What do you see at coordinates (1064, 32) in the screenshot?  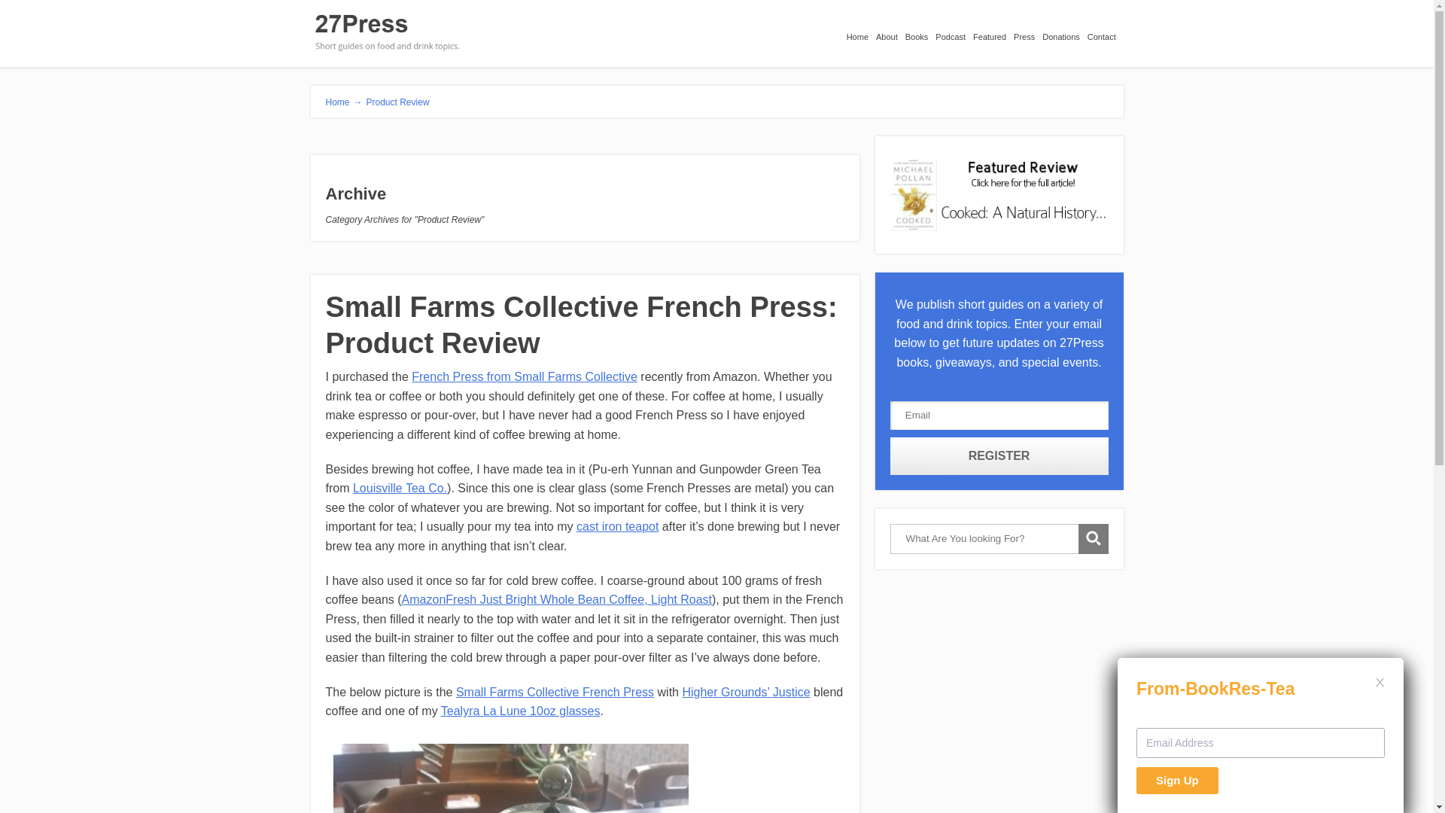 I see `'Donations'` at bounding box center [1064, 32].